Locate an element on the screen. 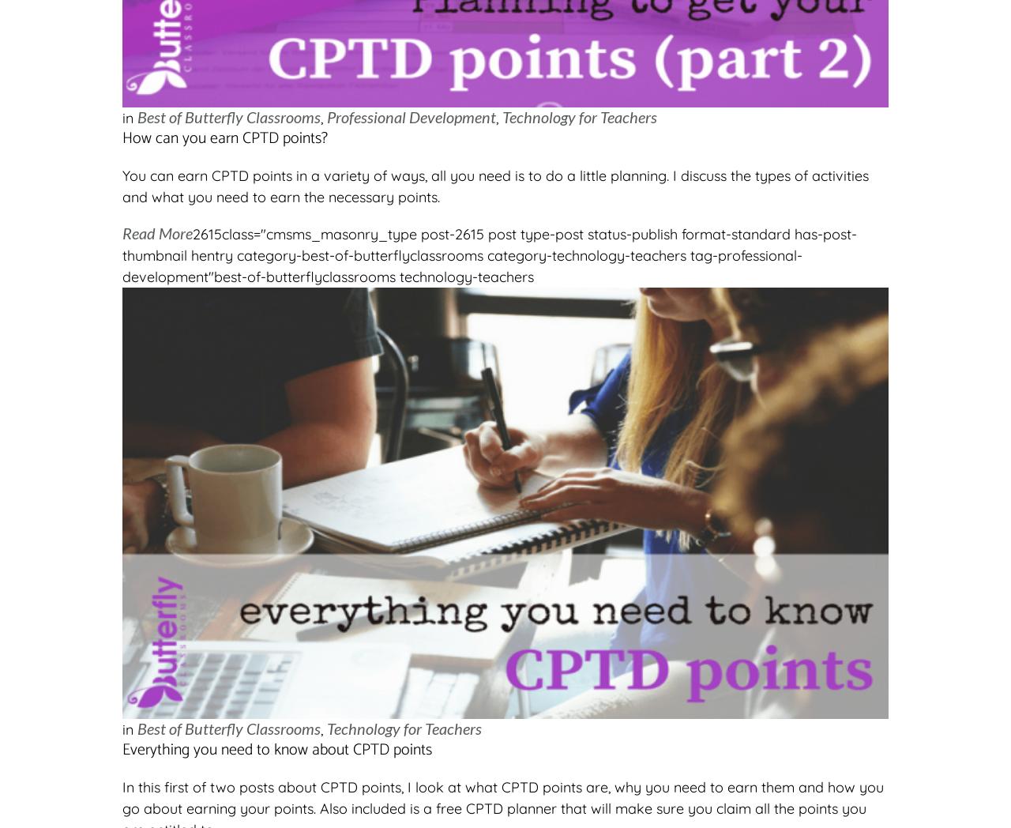  'Professional Development' is located at coordinates (411, 116).